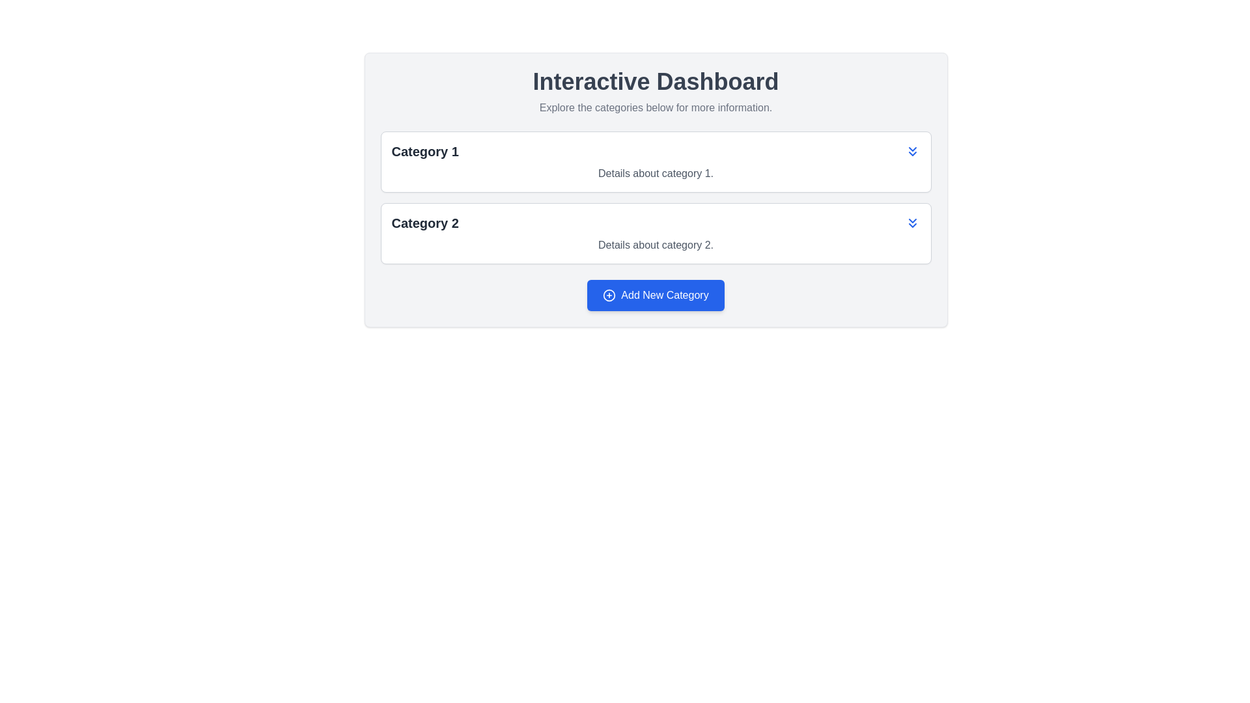 The width and height of the screenshot is (1250, 703). I want to click on the Header element that serves as an introductory guide for the page, located at the upper-central portion above the list of categories, so click(656, 92).